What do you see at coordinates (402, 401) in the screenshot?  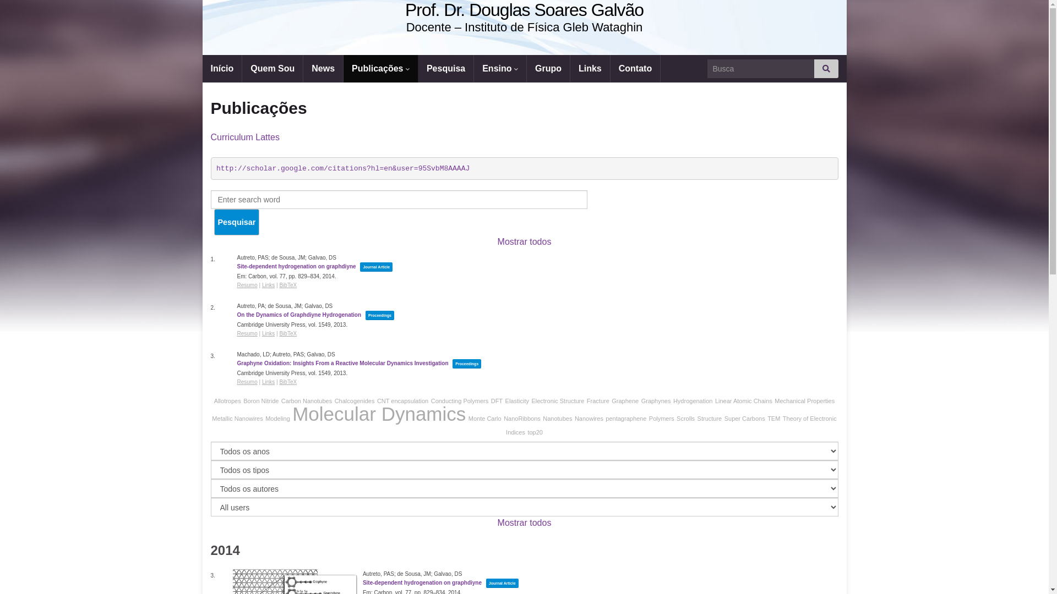 I see `'CNT encapsulation'` at bounding box center [402, 401].